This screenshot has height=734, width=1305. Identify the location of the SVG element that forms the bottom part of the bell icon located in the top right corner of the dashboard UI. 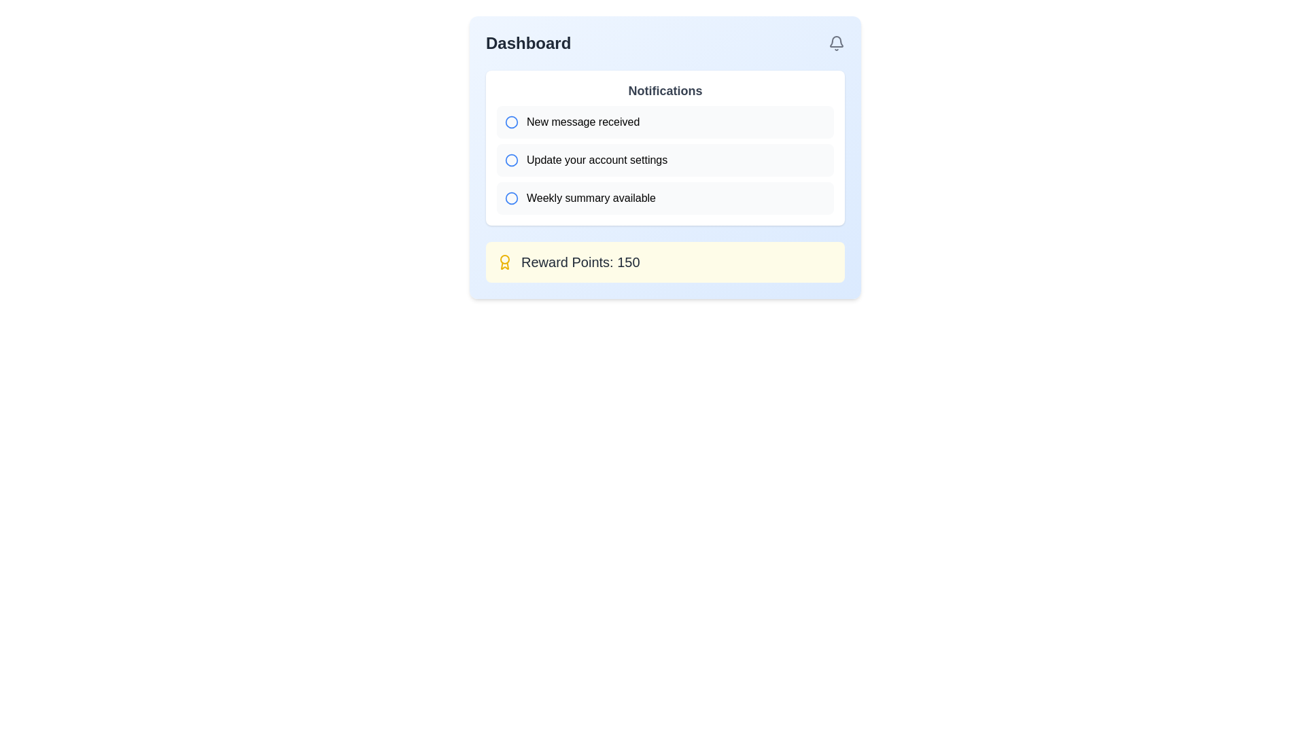
(835, 41).